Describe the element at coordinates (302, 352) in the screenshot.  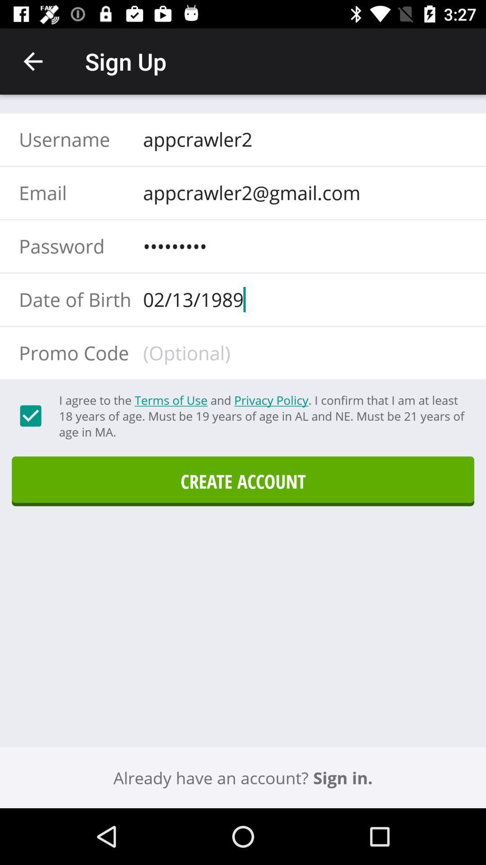
I see `the item next to the promo code` at that location.